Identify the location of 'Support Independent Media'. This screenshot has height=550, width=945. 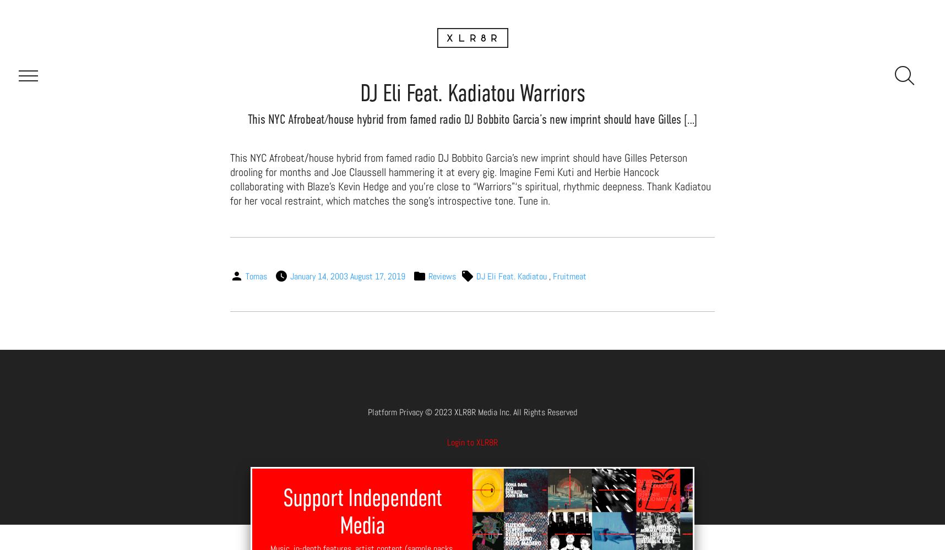
(361, 512).